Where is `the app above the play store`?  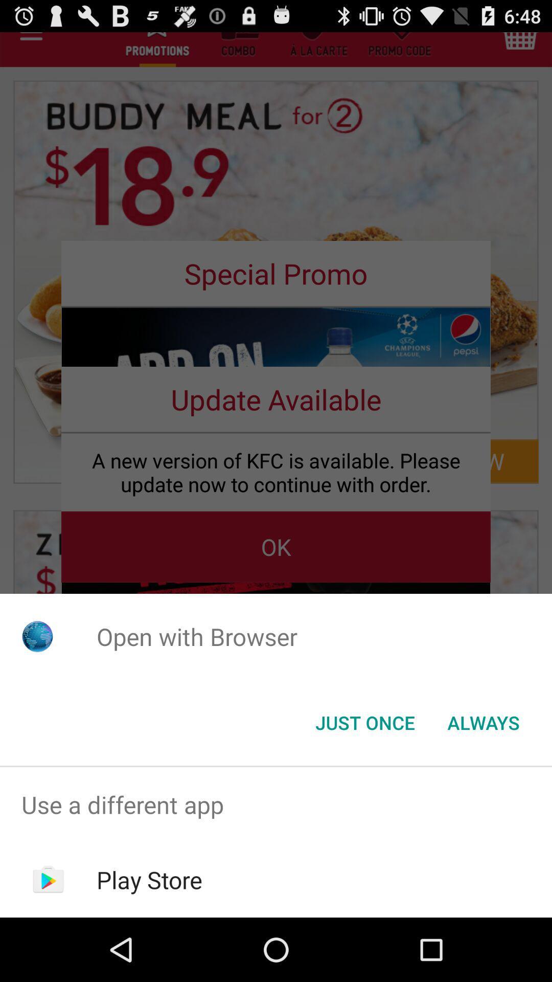
the app above the play store is located at coordinates (276, 804).